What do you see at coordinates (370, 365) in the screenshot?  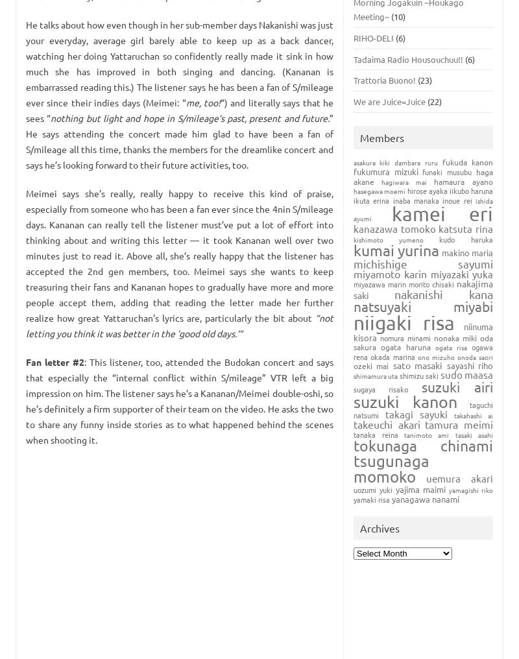 I see `'Ozeki Mai'` at bounding box center [370, 365].